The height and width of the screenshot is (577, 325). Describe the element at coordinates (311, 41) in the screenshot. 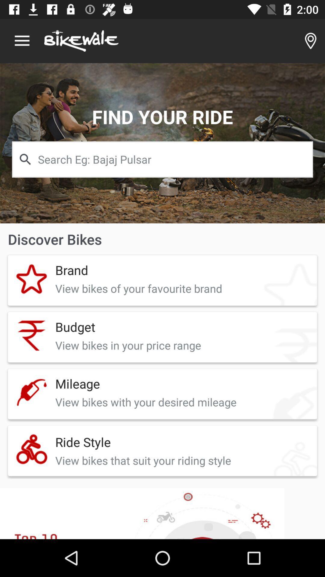

I see `item at the top right corner` at that location.